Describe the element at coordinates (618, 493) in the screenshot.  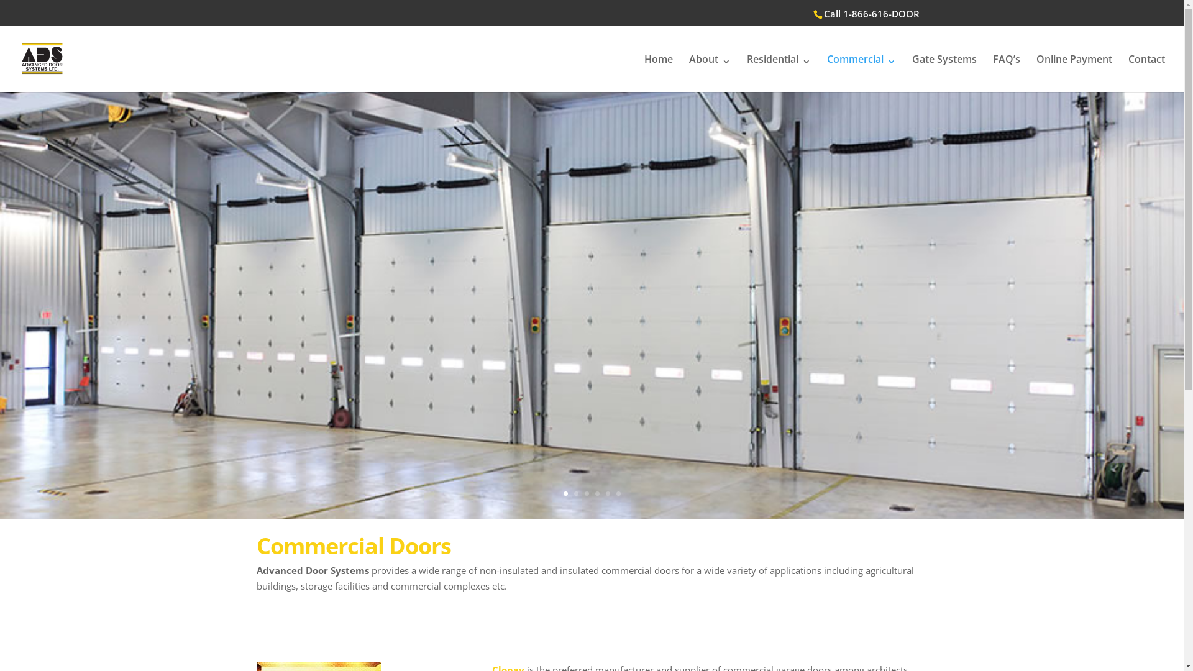
I see `'6'` at that location.